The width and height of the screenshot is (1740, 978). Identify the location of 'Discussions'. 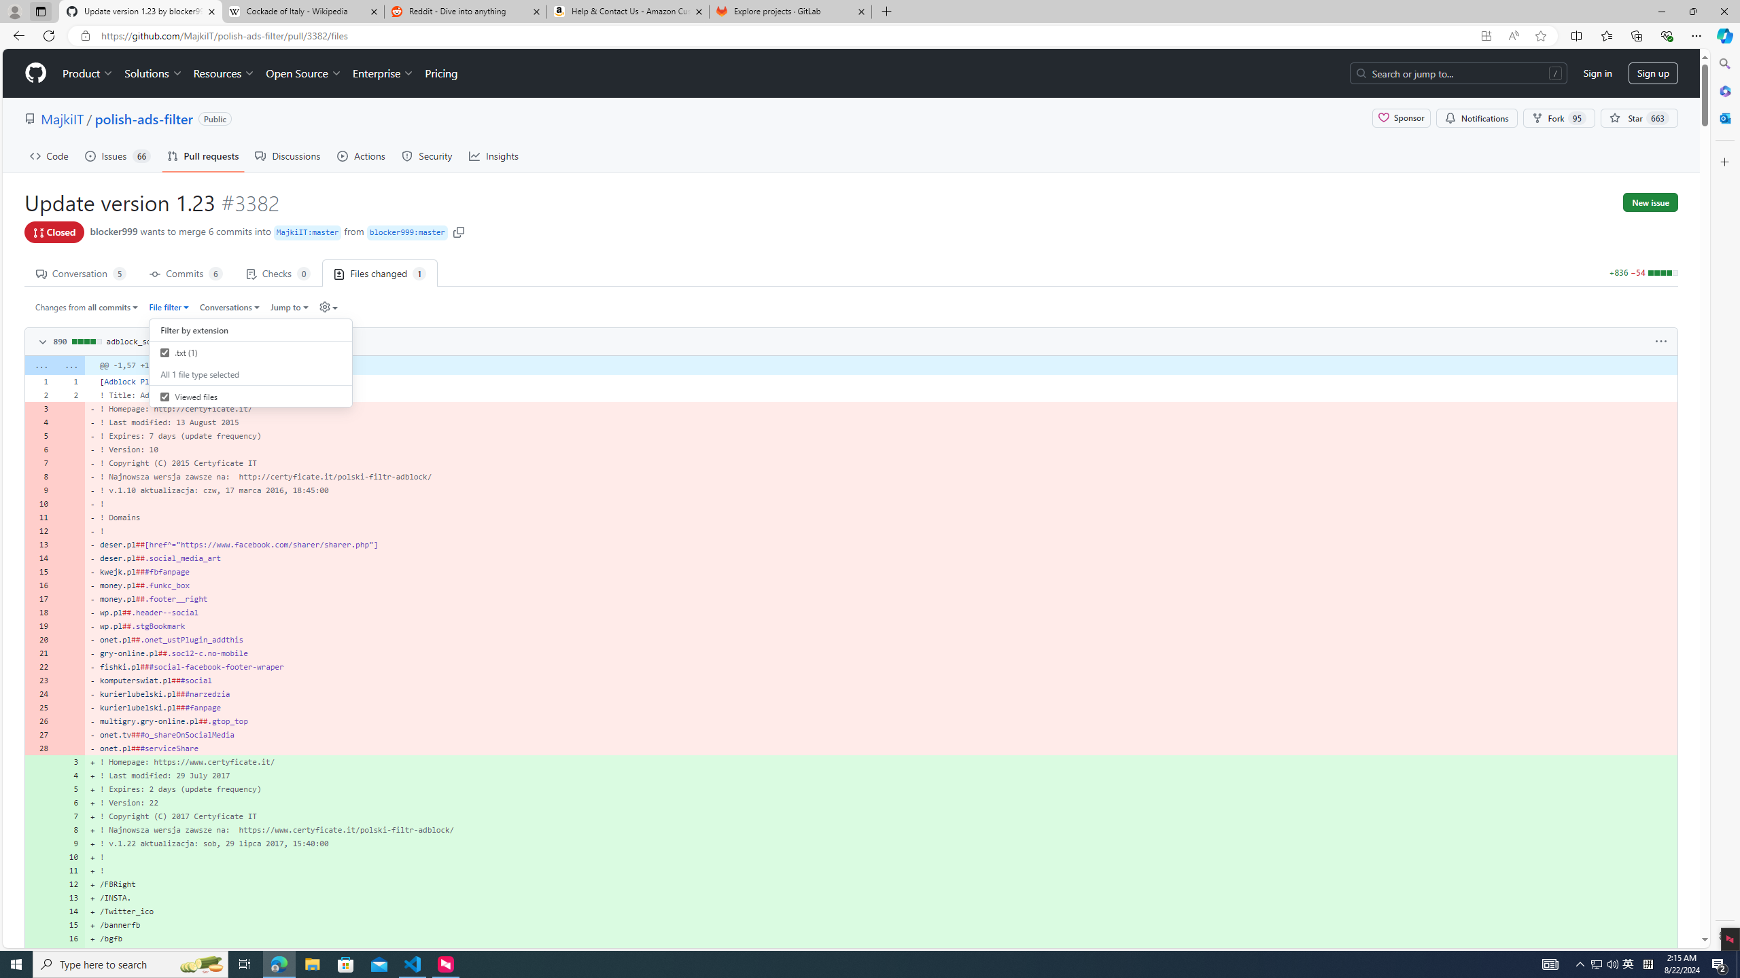
(288, 156).